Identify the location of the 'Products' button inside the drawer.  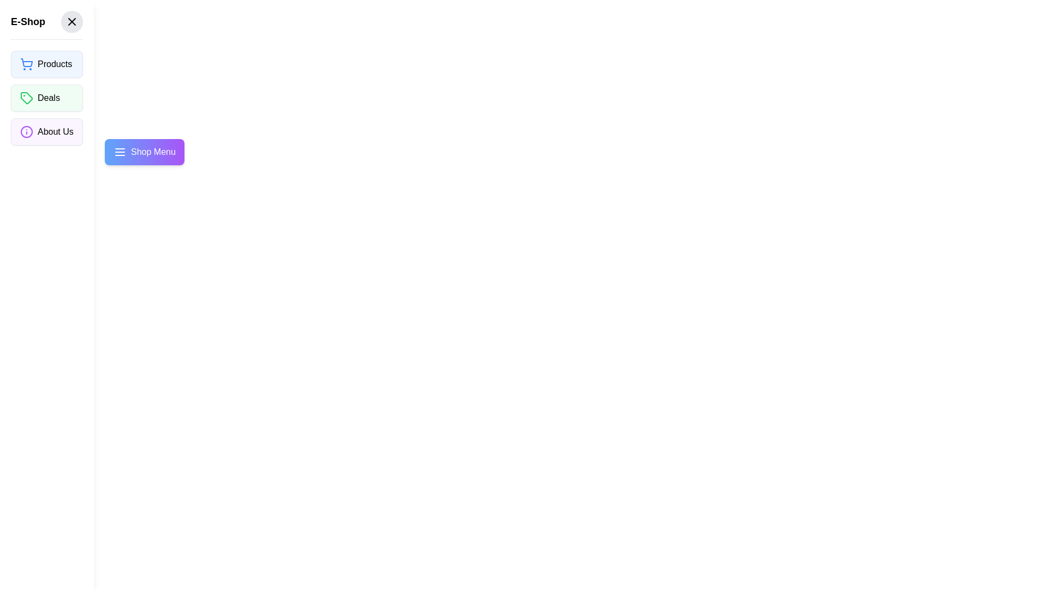
(46, 64).